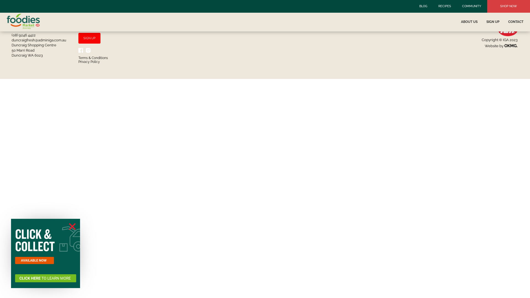 The height and width of the screenshot is (298, 530). What do you see at coordinates (23, 35) in the screenshot?
I see `'(08) 9246 4422'` at bounding box center [23, 35].